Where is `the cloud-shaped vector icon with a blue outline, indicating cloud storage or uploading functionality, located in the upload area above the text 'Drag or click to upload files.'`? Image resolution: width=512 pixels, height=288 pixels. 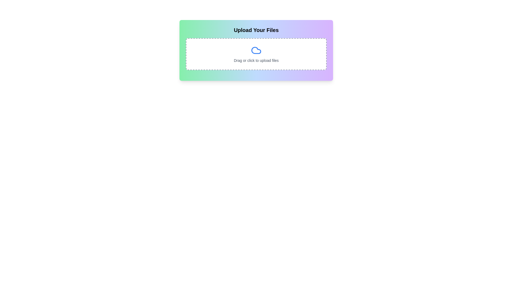 the cloud-shaped vector icon with a blue outline, indicating cloud storage or uploading functionality, located in the upload area above the text 'Drag or click to upload files.' is located at coordinates (256, 50).